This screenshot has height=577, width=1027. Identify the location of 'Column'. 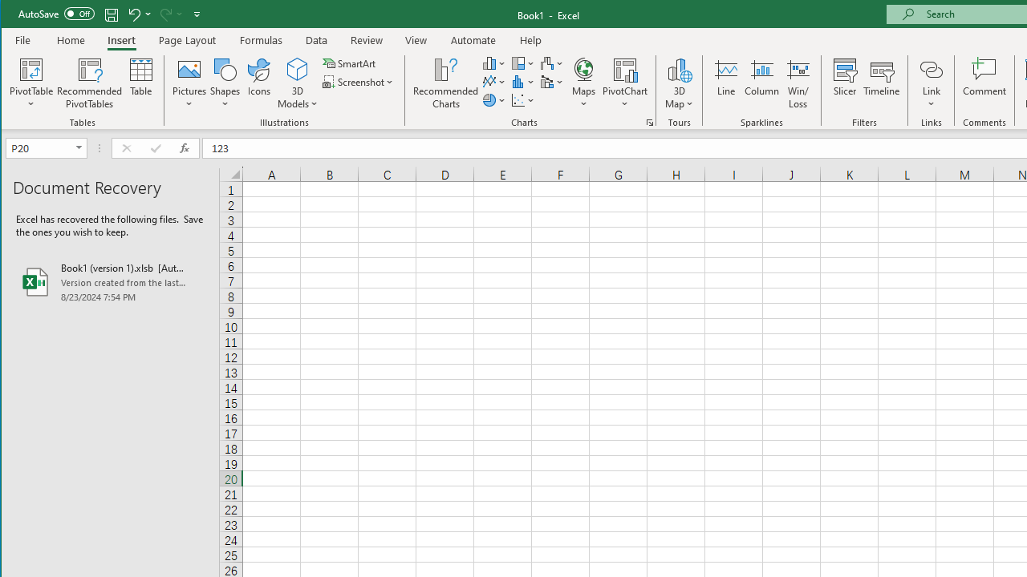
(761, 83).